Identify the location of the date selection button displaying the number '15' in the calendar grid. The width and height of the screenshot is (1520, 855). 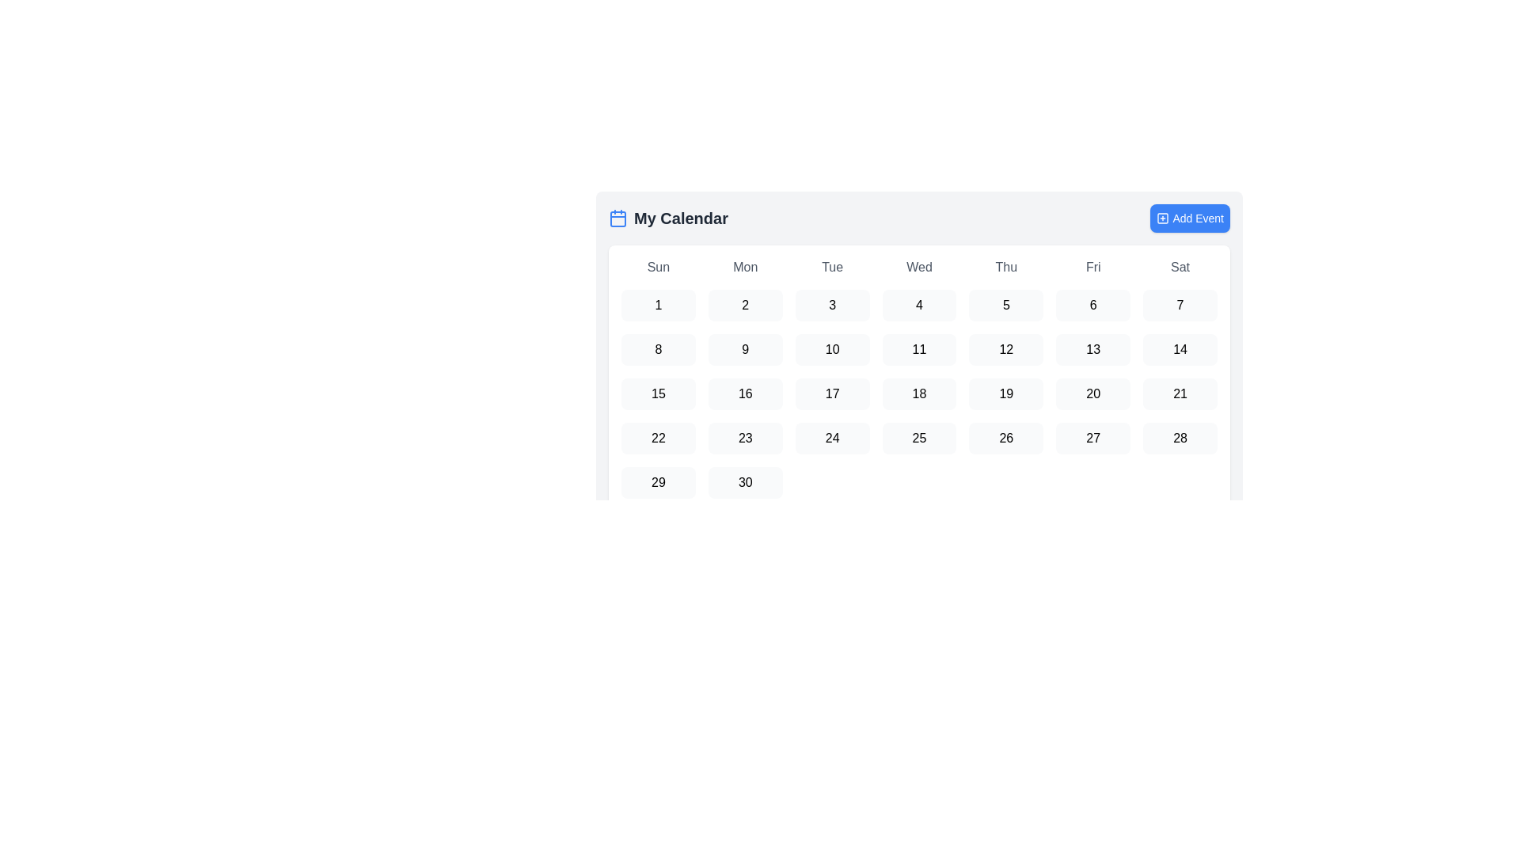
(658, 393).